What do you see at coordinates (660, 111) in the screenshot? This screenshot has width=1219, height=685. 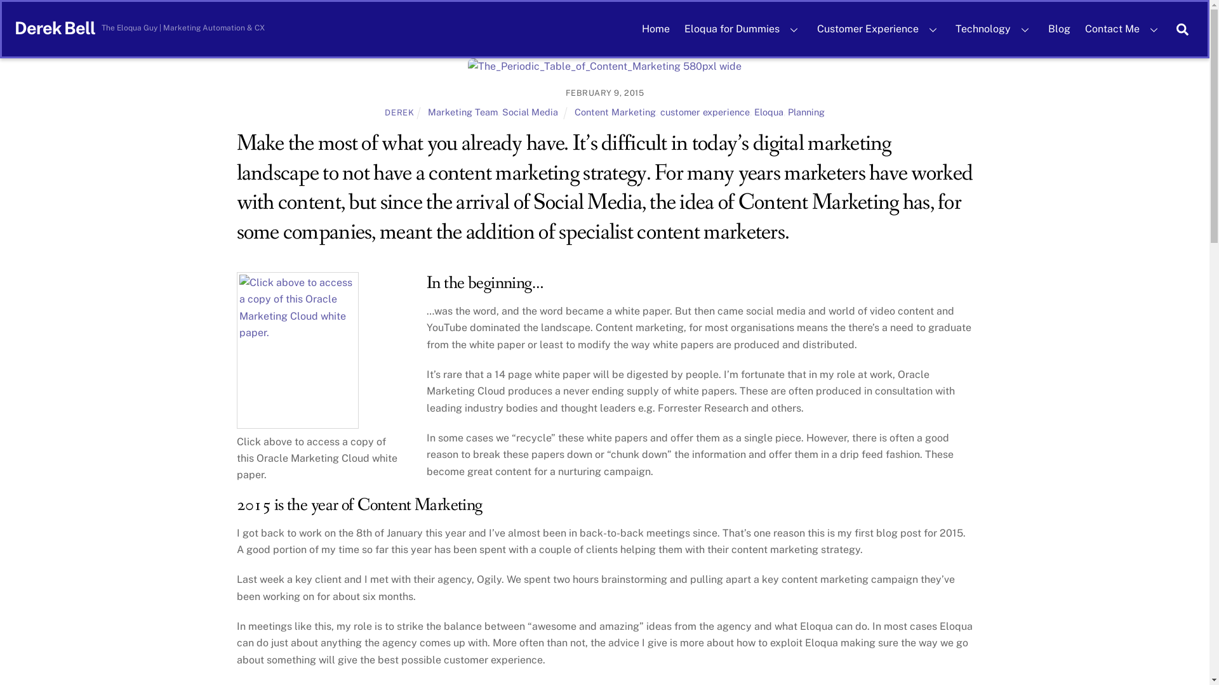 I see `'customer experience'` at bounding box center [660, 111].